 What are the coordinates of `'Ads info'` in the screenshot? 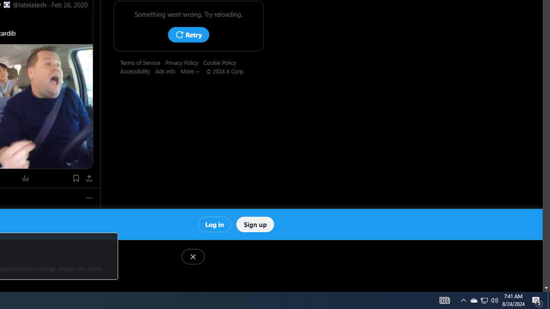 It's located at (168, 70).